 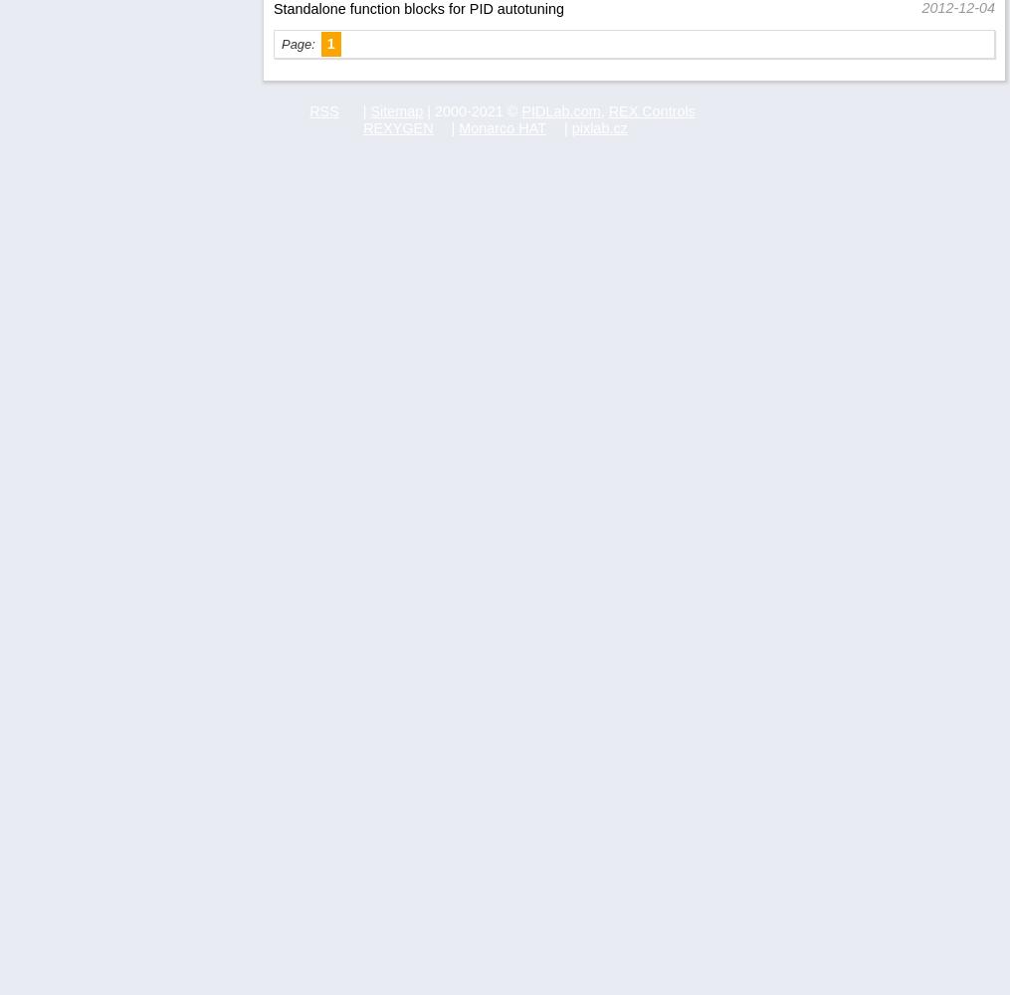 What do you see at coordinates (607, 109) in the screenshot?
I see `'REX Controls'` at bounding box center [607, 109].